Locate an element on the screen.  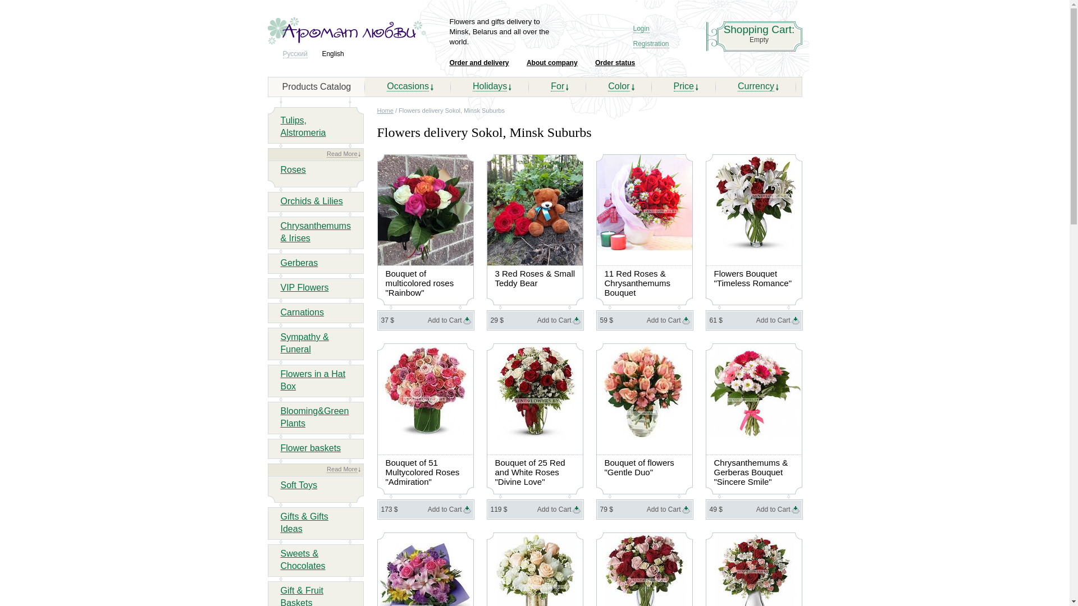
'Add to Cart is located at coordinates (753, 320).